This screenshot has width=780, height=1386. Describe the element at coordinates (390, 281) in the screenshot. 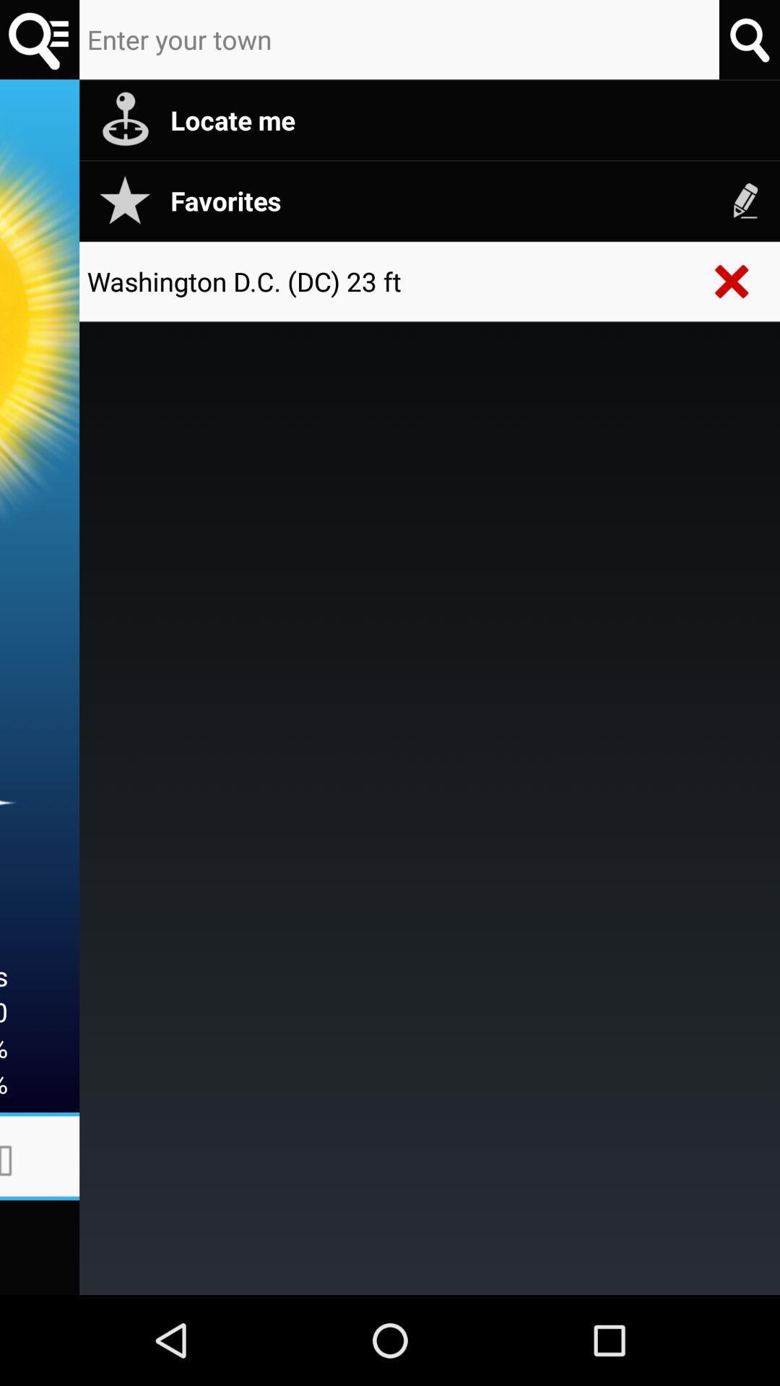

I see `washington d c item` at that location.